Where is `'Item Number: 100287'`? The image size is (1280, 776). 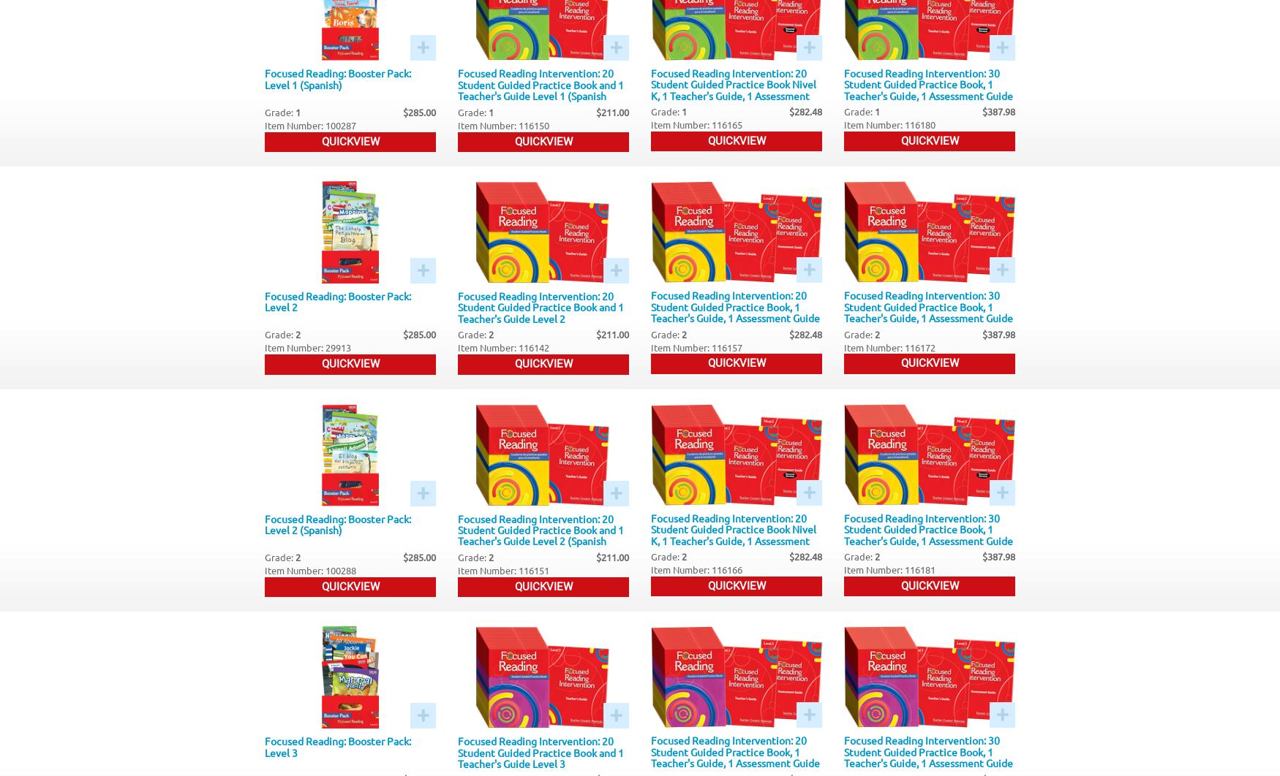 'Item Number: 100287' is located at coordinates (265, 124).